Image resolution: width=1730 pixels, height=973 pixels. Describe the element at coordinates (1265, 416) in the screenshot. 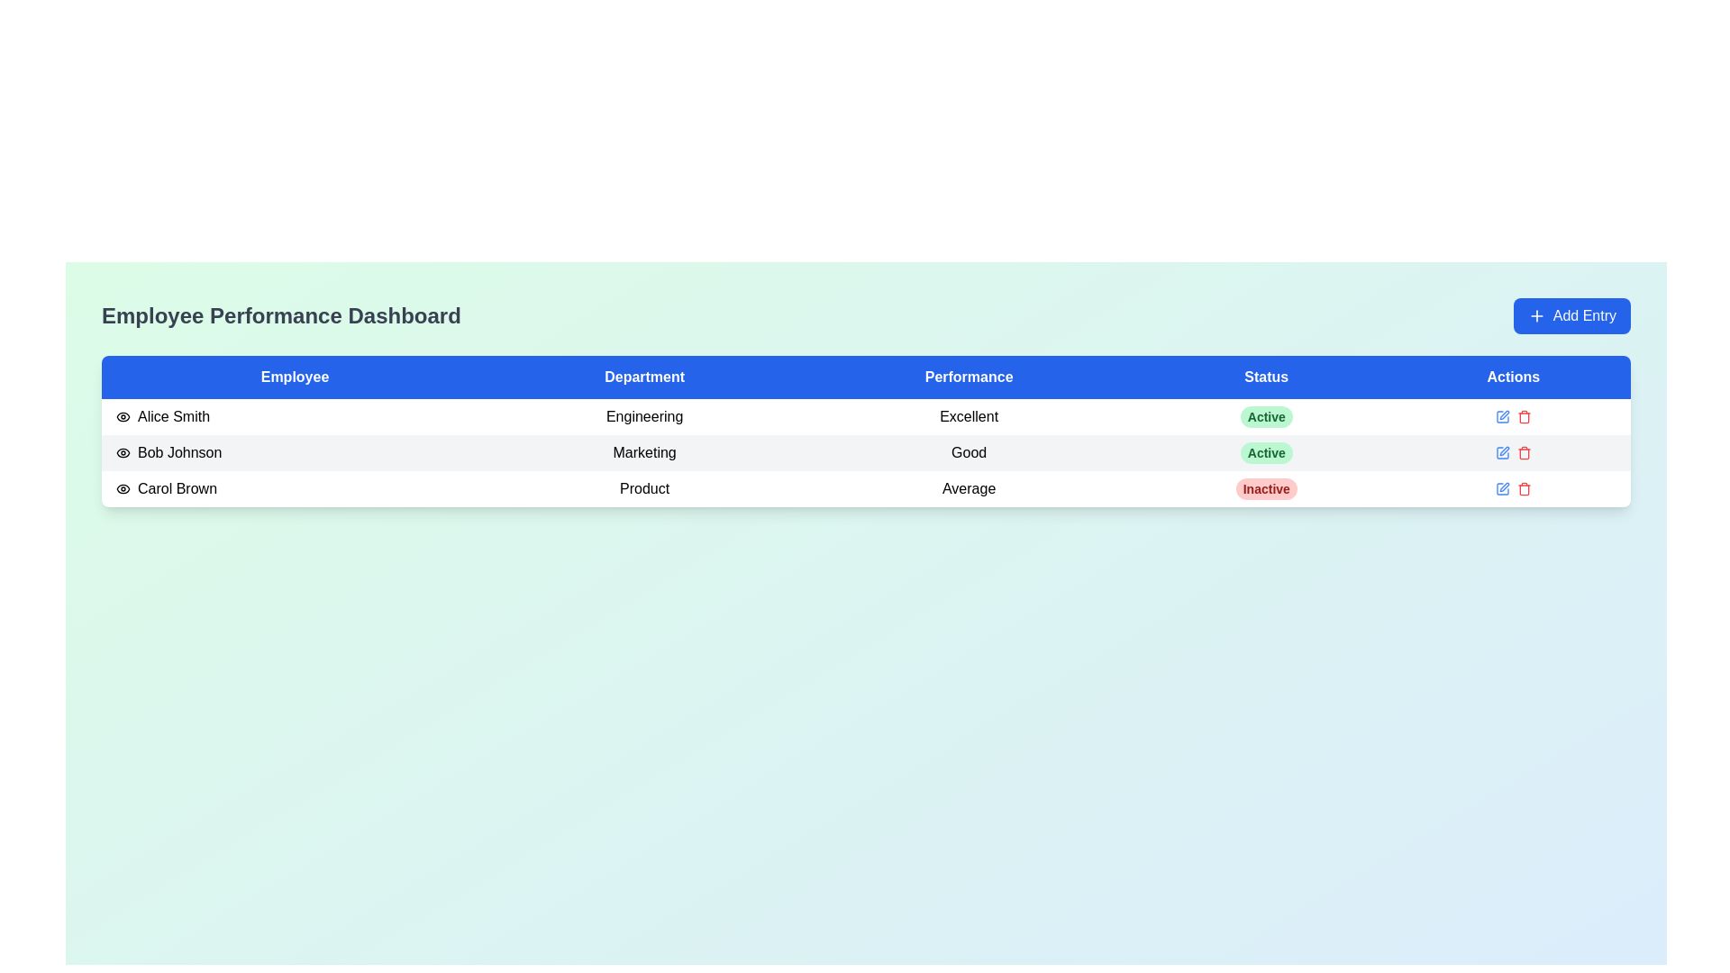

I see `the Status badge labeled 'Active' with a light green background, indicating Alice Smith's active status` at that location.